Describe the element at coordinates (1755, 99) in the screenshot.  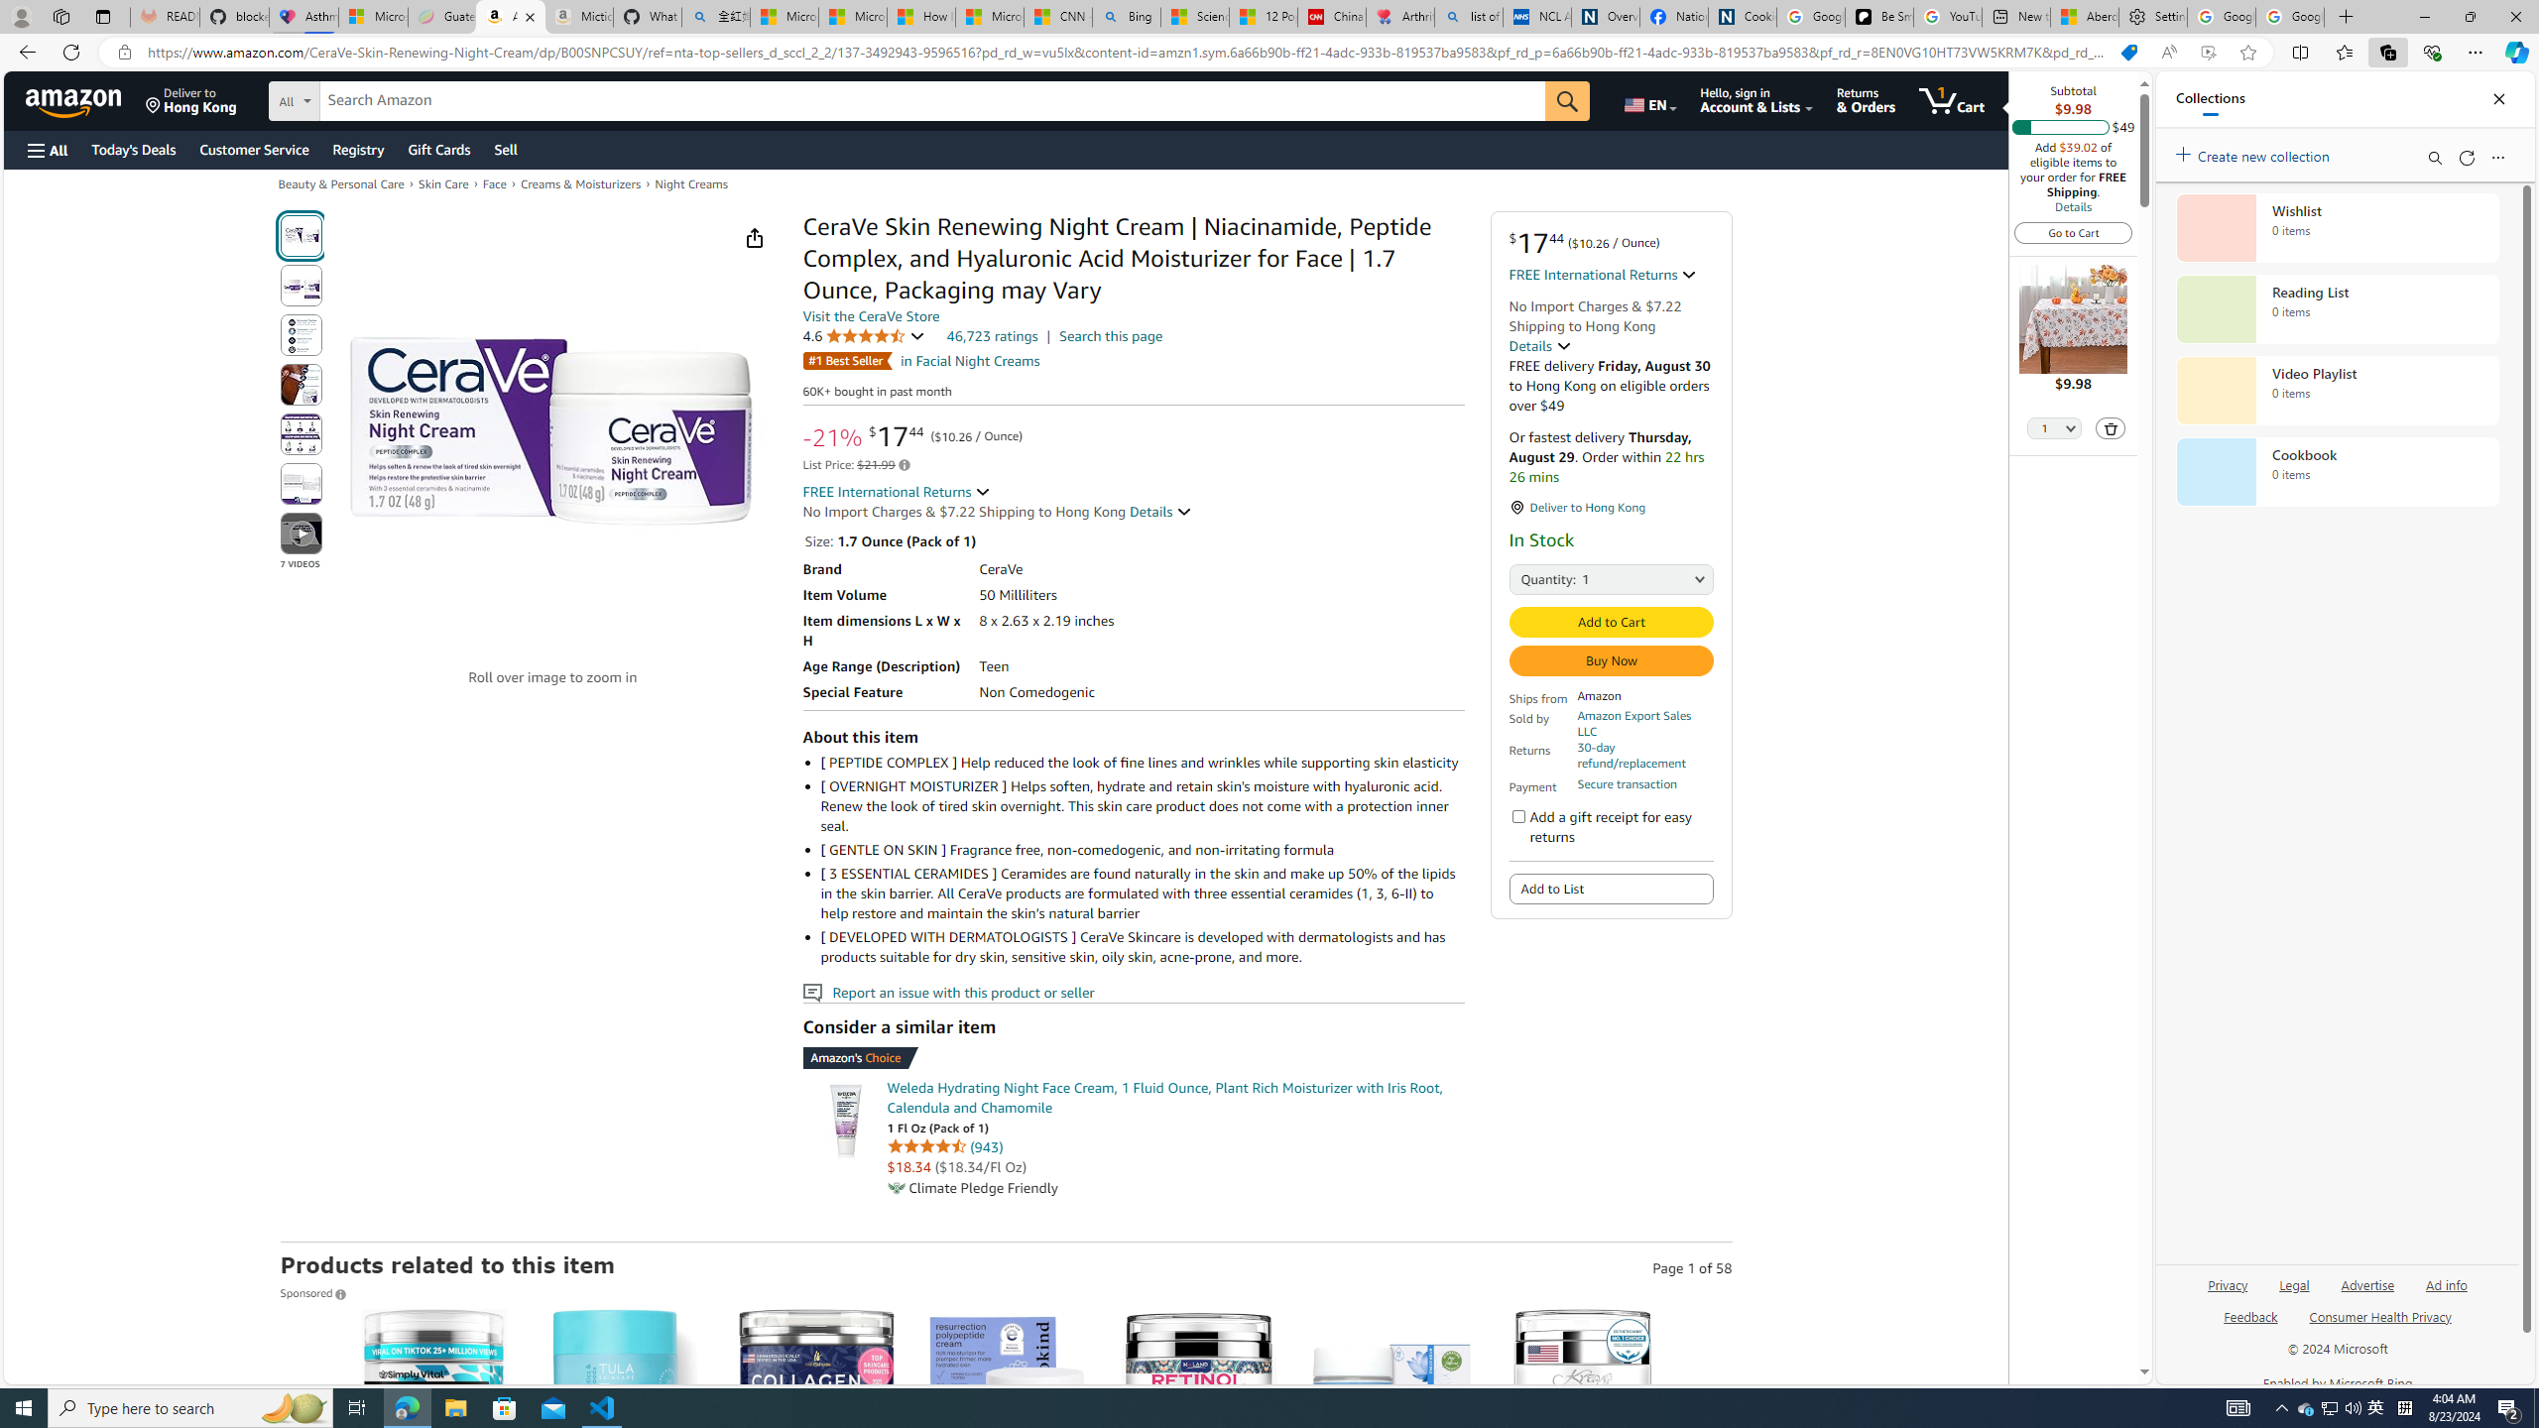
I see `'Hello, sign in Account & Lists'` at that location.